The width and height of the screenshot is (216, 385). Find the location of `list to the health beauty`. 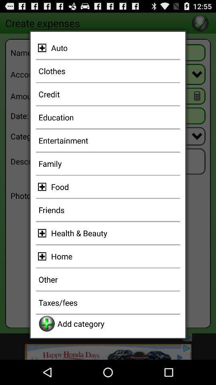

list to the health beauty is located at coordinates (43, 233).